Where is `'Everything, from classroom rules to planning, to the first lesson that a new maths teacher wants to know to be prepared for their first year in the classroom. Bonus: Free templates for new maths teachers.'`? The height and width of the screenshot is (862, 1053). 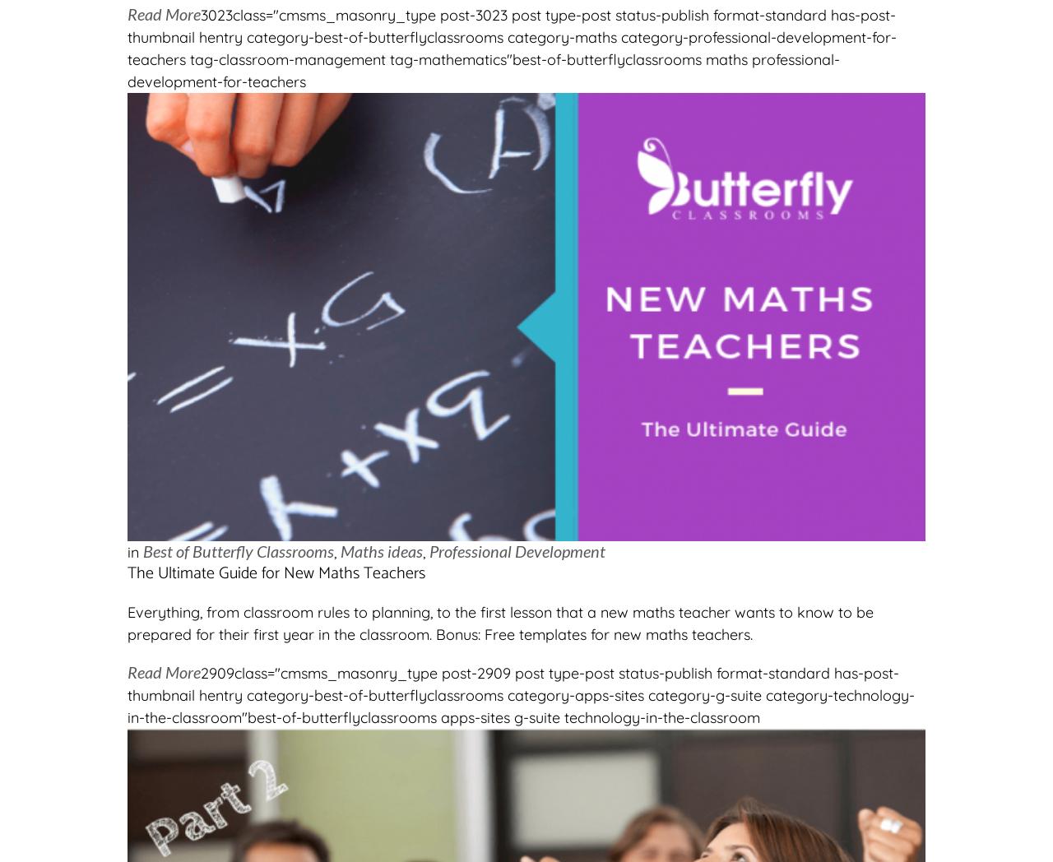
'Everything, from classroom rules to planning, to the first lesson that a new maths teacher wants to know to be prepared for their first year in the classroom. Bonus: Free templates for new maths teachers.' is located at coordinates (499, 623).